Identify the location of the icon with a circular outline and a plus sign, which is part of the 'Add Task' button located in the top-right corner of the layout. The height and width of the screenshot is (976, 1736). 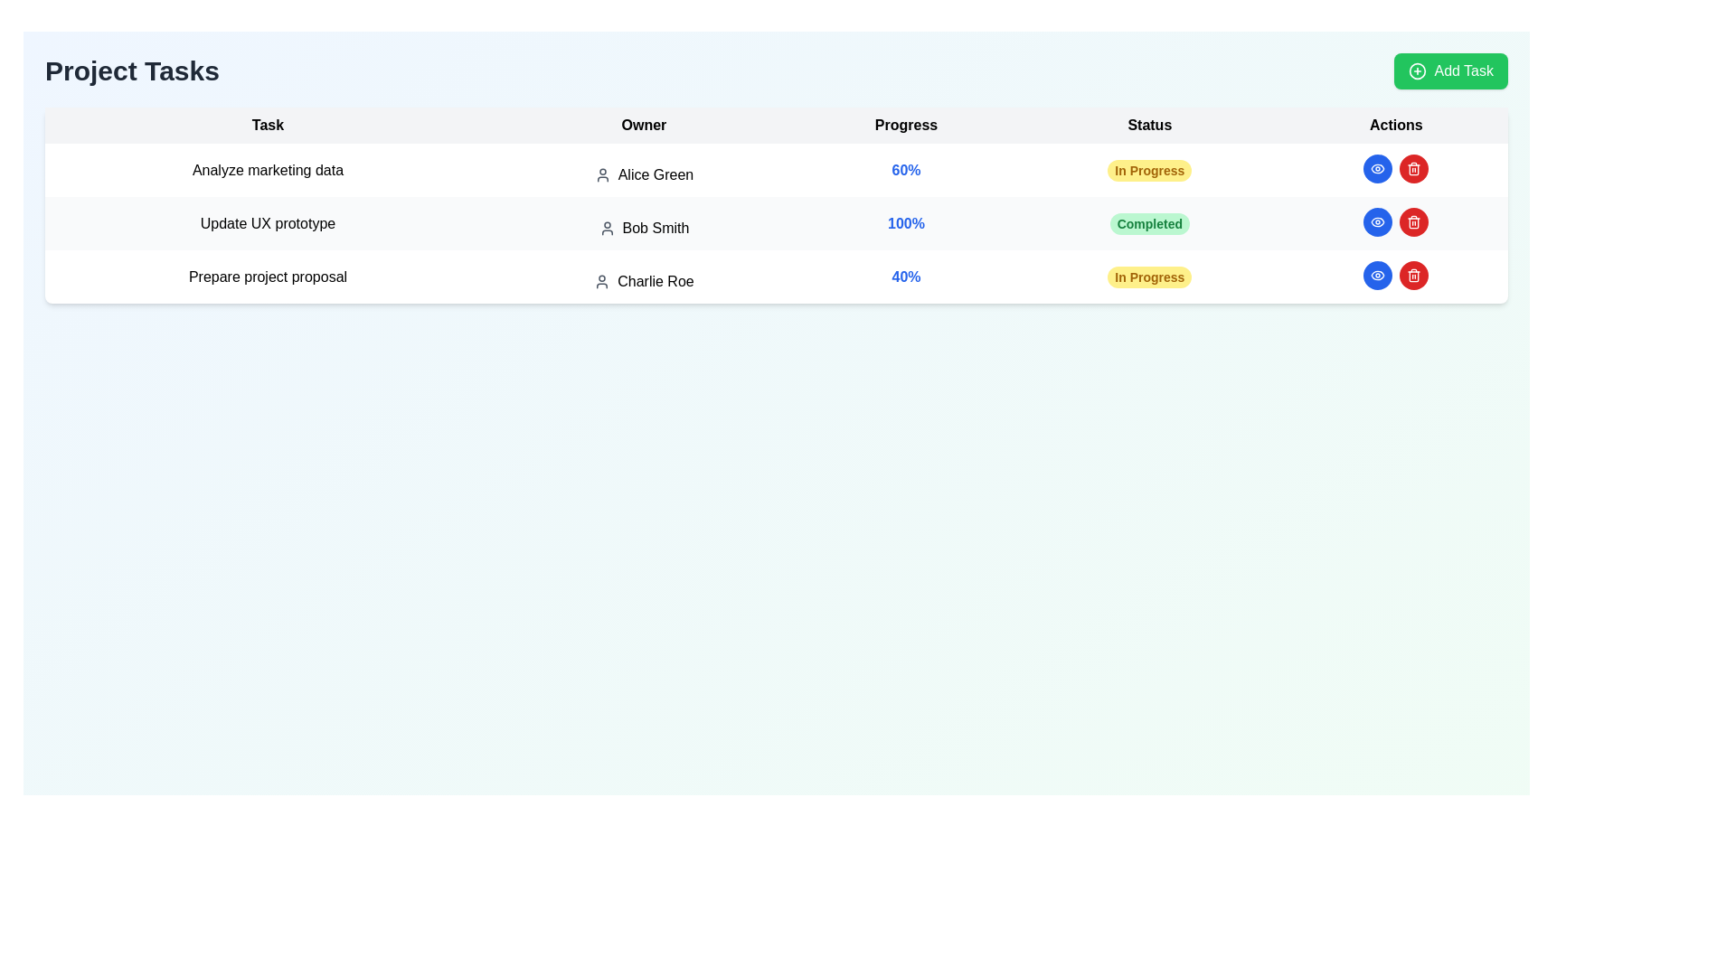
(1417, 70).